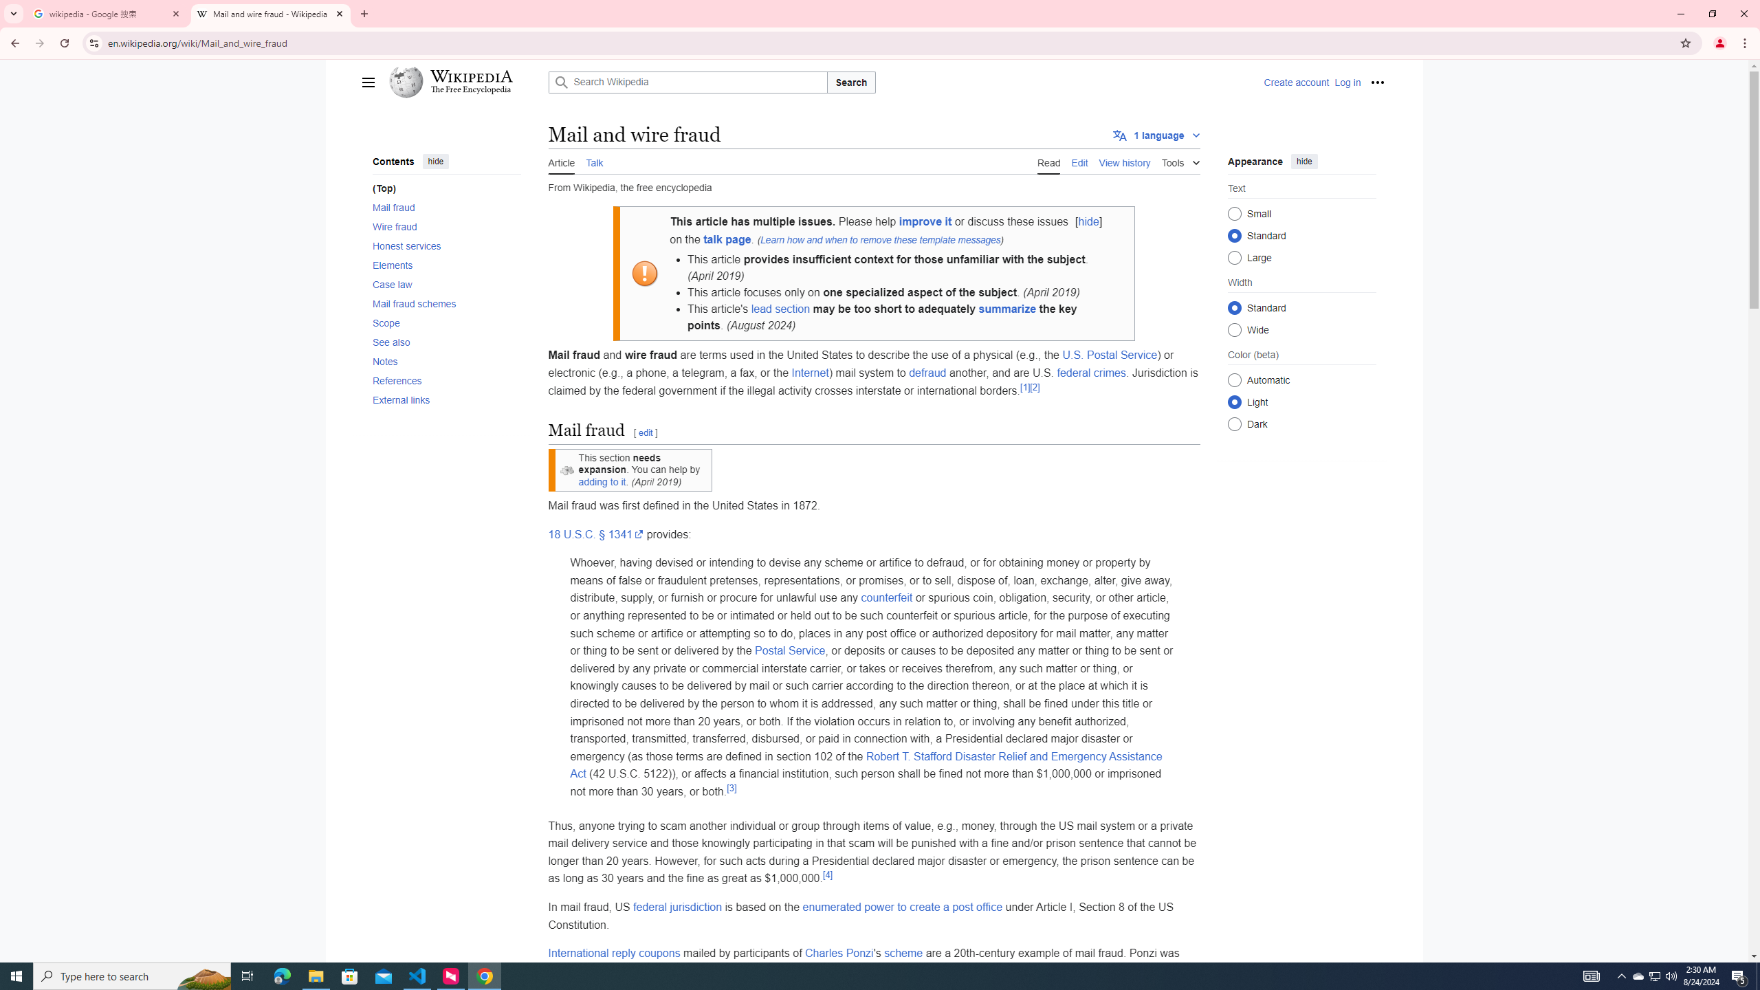  Describe the element at coordinates (903, 953) in the screenshot. I see `'scheme'` at that location.